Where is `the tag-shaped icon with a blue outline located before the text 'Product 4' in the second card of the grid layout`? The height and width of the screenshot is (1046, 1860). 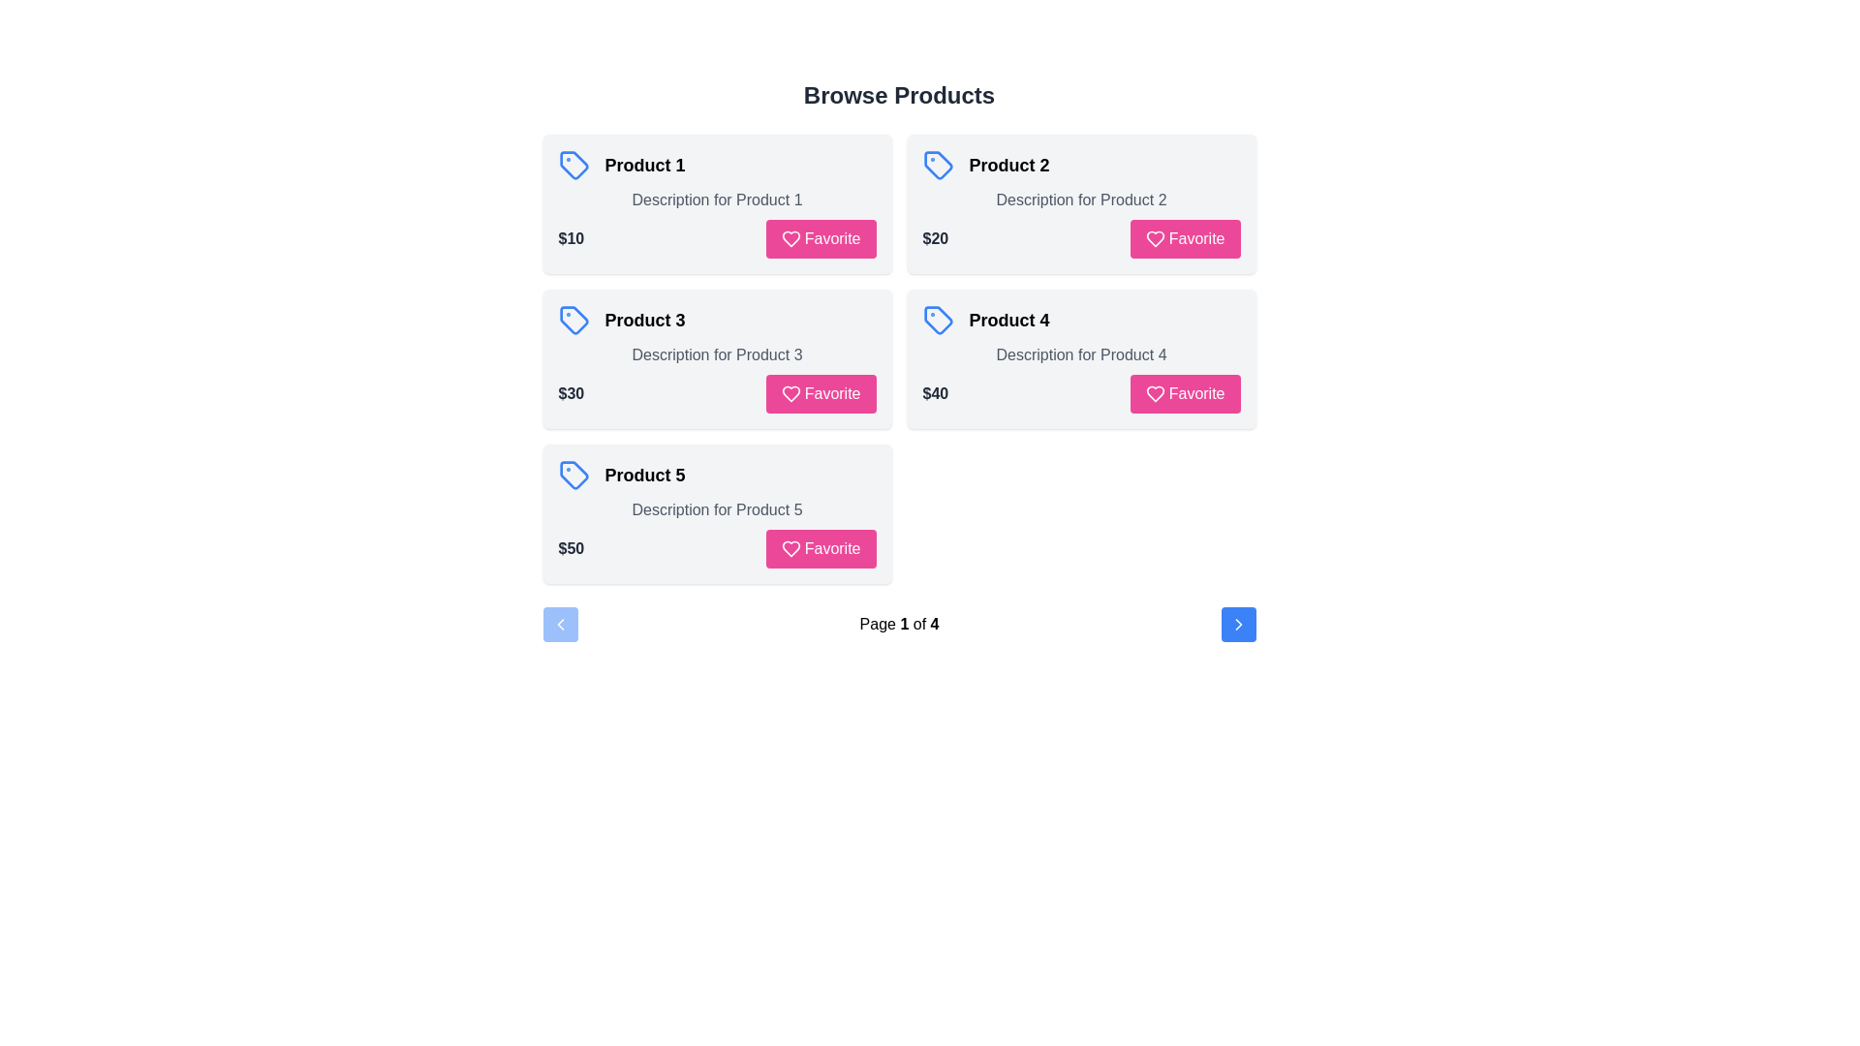
the tag-shaped icon with a blue outline located before the text 'Product 4' in the second card of the grid layout is located at coordinates (938, 320).